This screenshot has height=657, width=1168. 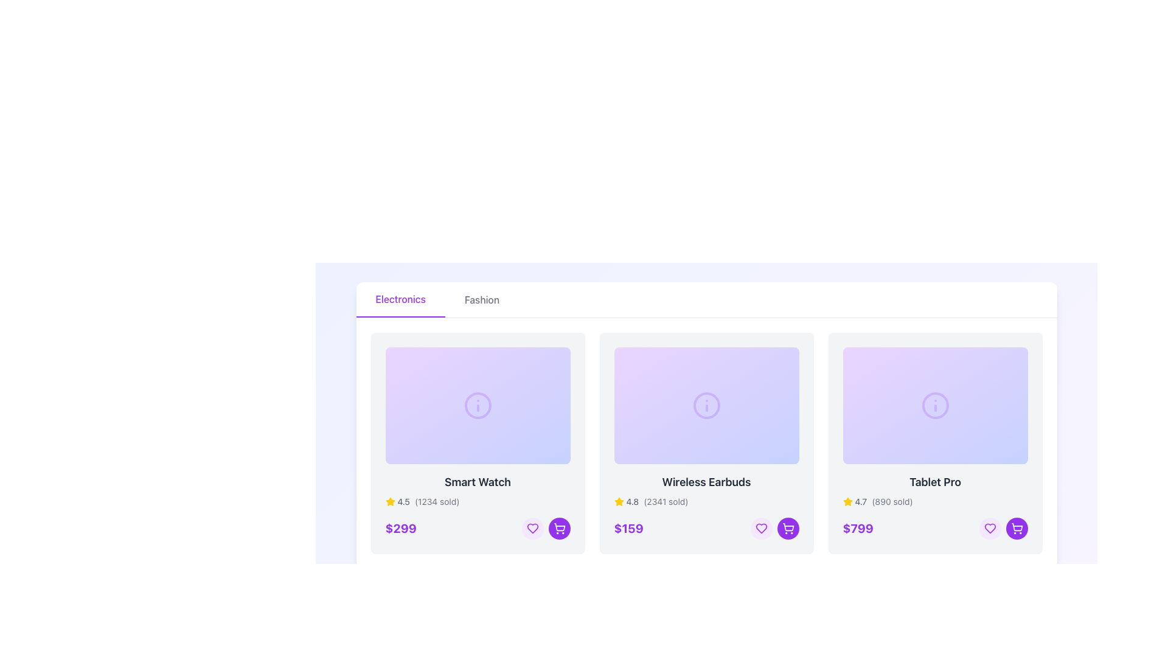 I want to click on the text element displaying '$799' in bold purple font, located in the bottom section of the rightmost product card, so click(x=857, y=527).